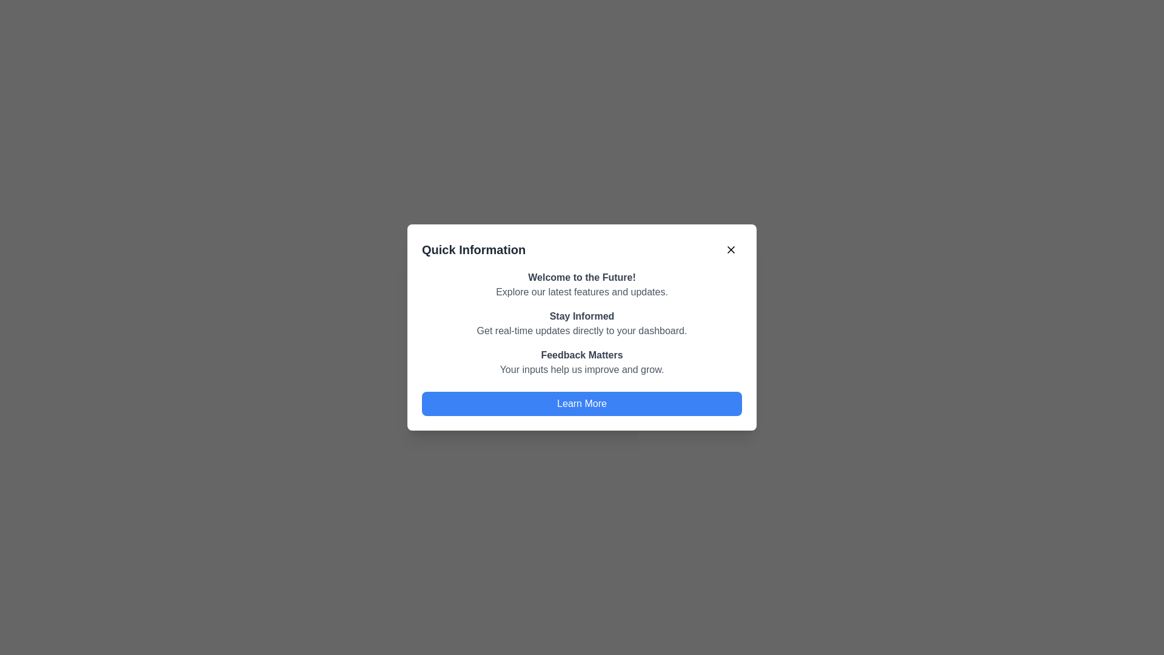  What do you see at coordinates (730, 249) in the screenshot?
I see `the small cross icon inside the circular button located at the top-right corner of the 'Quick Information' popup dialog for accessibility` at bounding box center [730, 249].